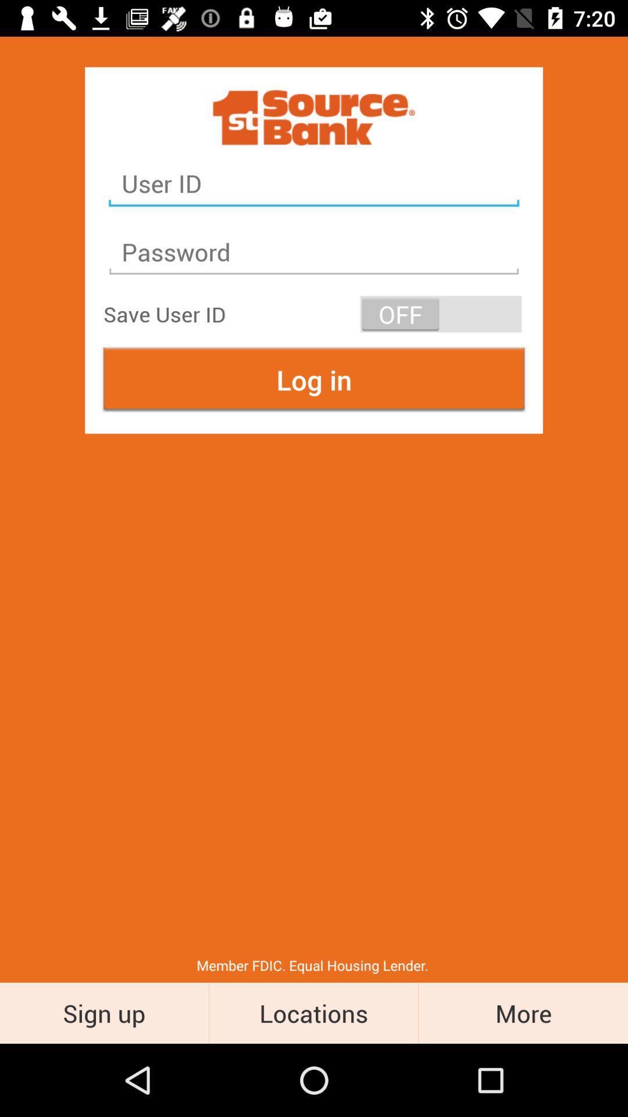  What do you see at coordinates (522, 1012) in the screenshot?
I see `the icon next to locations icon` at bounding box center [522, 1012].